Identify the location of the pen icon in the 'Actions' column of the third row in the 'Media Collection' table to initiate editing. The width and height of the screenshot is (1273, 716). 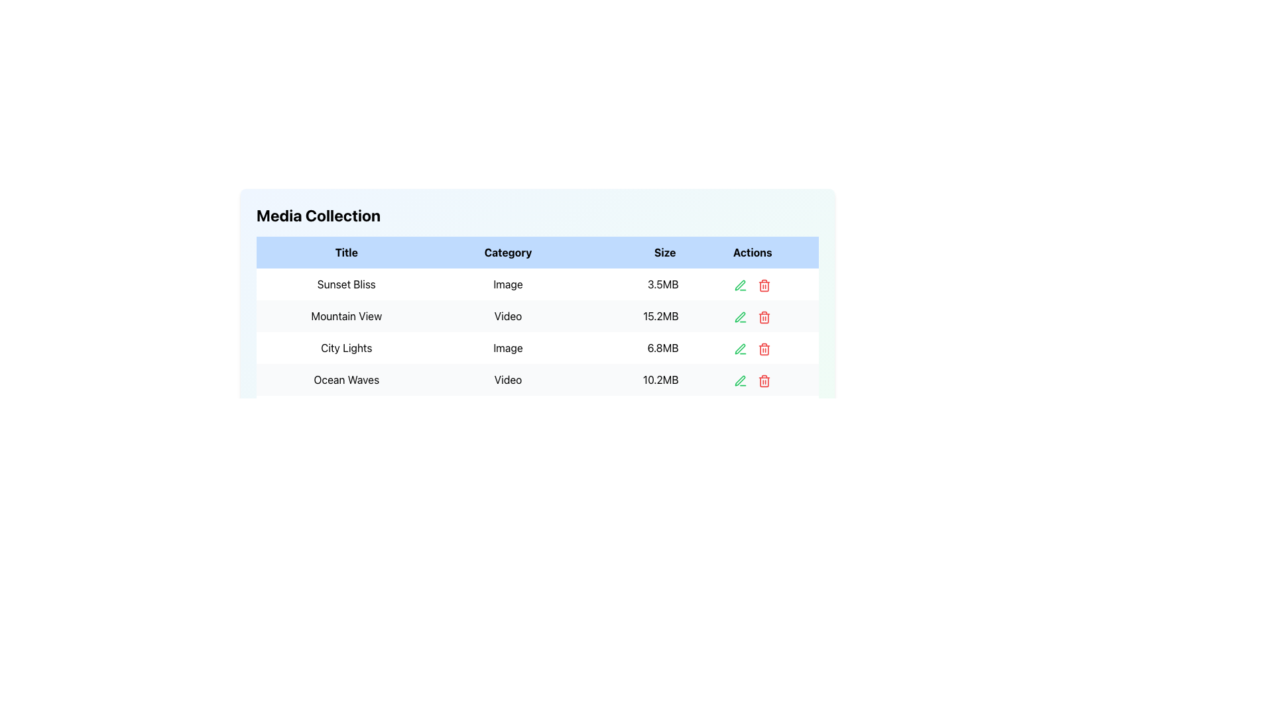
(740, 347).